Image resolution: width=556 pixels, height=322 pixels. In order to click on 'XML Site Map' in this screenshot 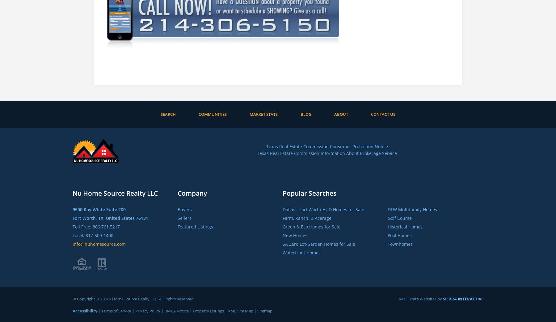, I will do `click(240, 310)`.